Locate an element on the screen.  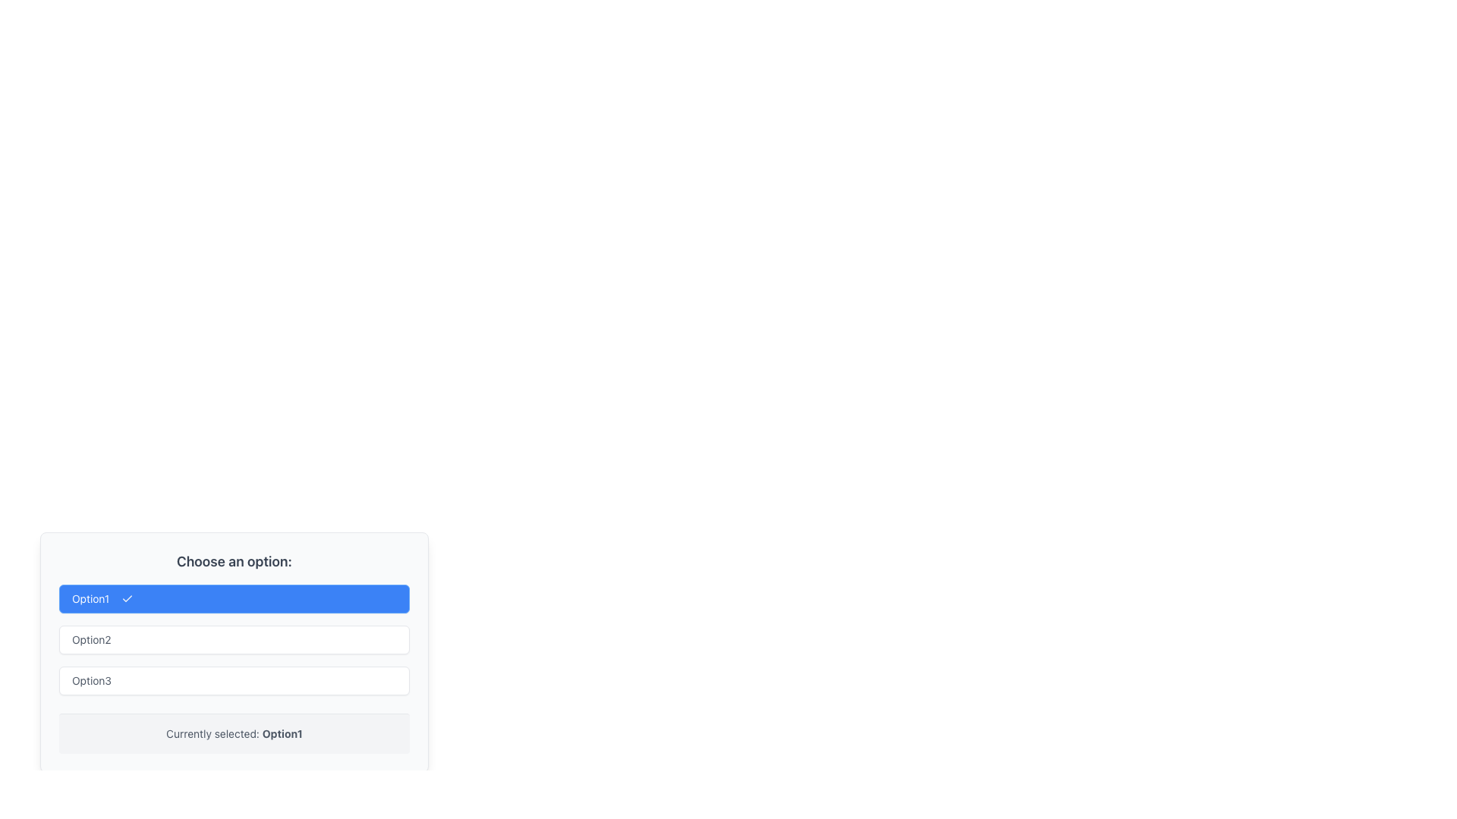
the text element reading 'Option1' is located at coordinates (282, 733).